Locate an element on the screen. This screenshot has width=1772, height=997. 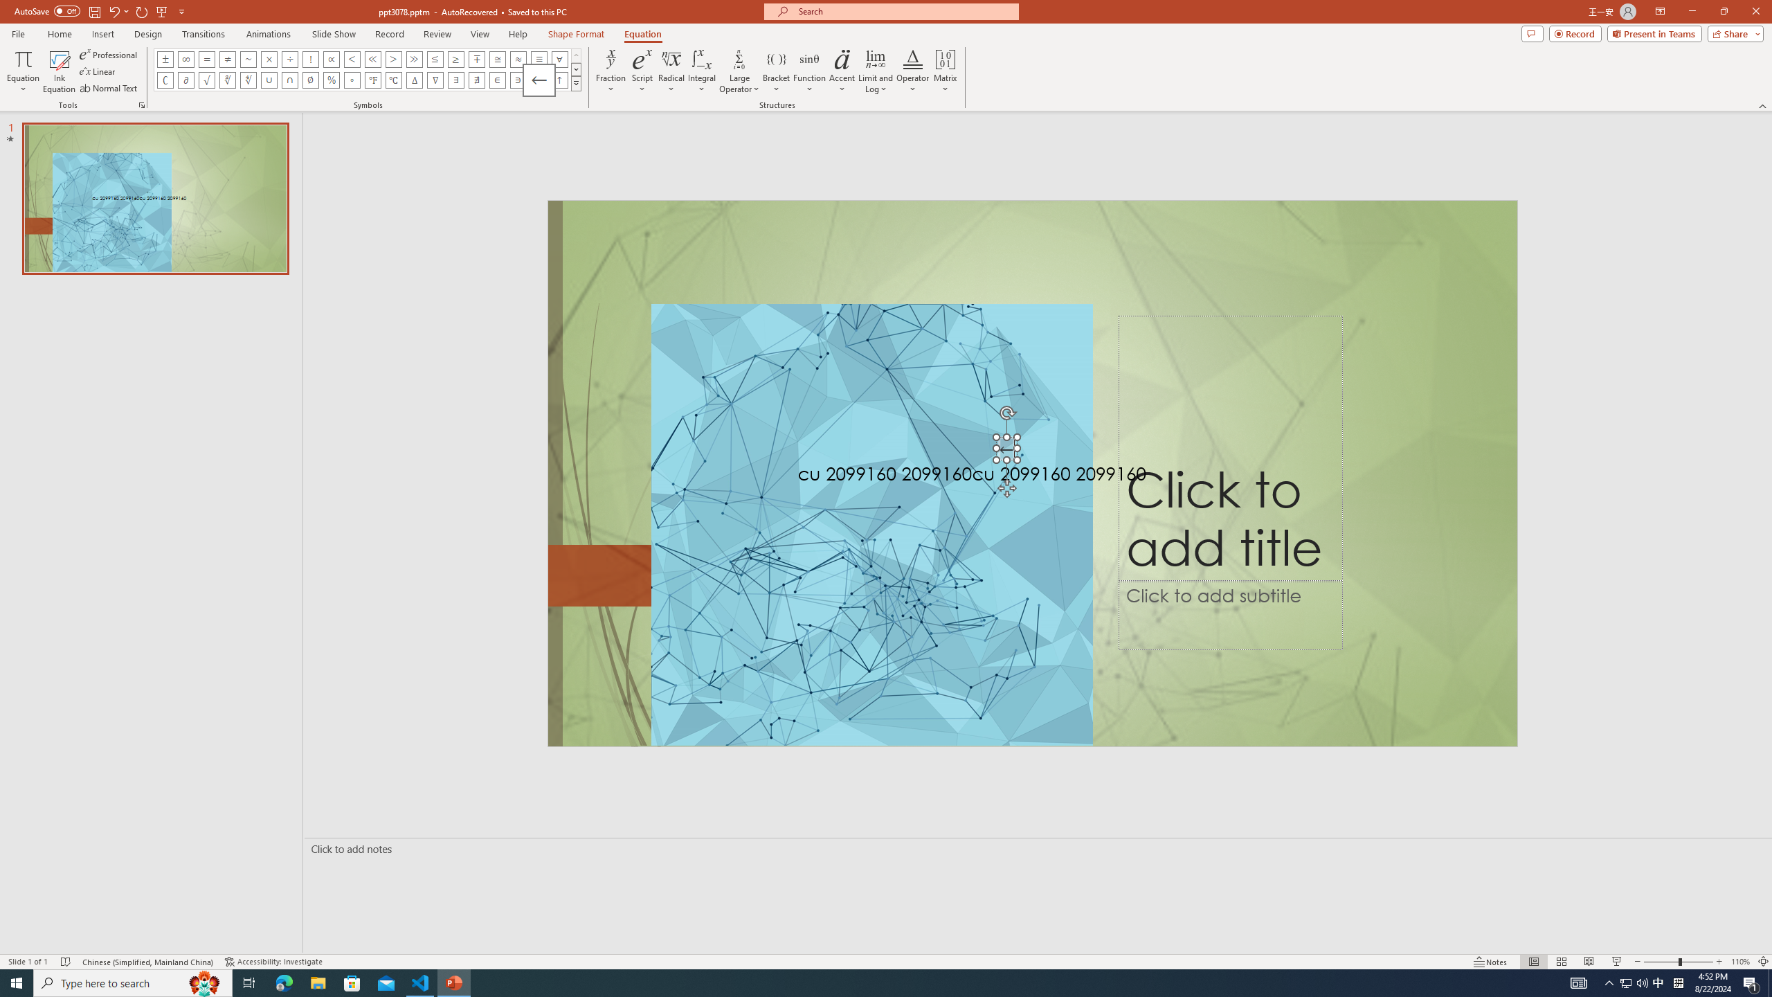
'Fraction' is located at coordinates (611, 71).